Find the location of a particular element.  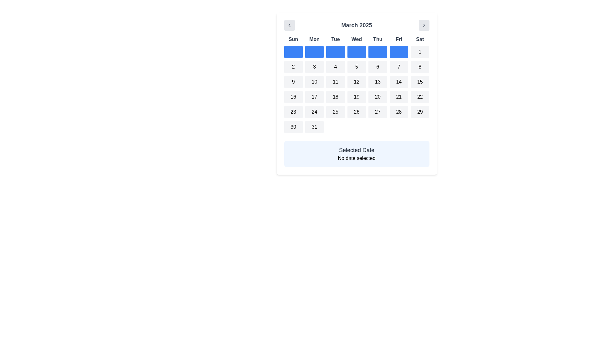

the button displaying the number '23' in the calendar grid below the 'March 2025' header is located at coordinates (293, 112).